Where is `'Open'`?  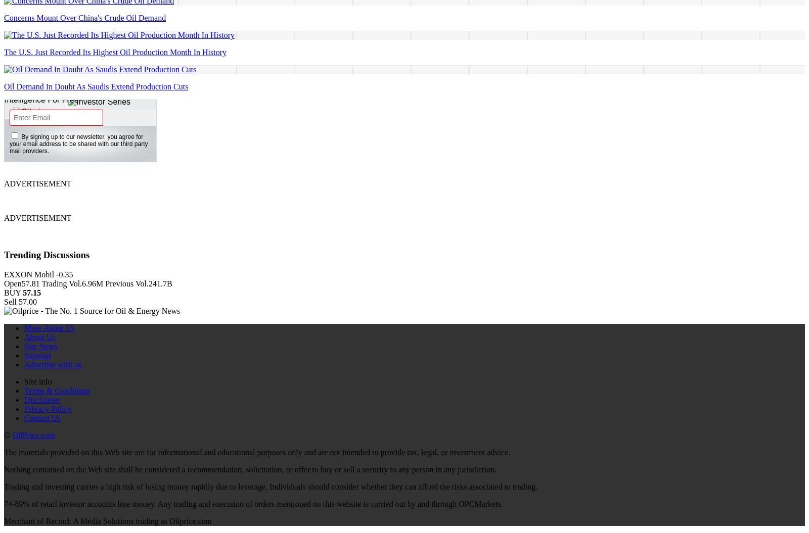
'Open' is located at coordinates (12, 282).